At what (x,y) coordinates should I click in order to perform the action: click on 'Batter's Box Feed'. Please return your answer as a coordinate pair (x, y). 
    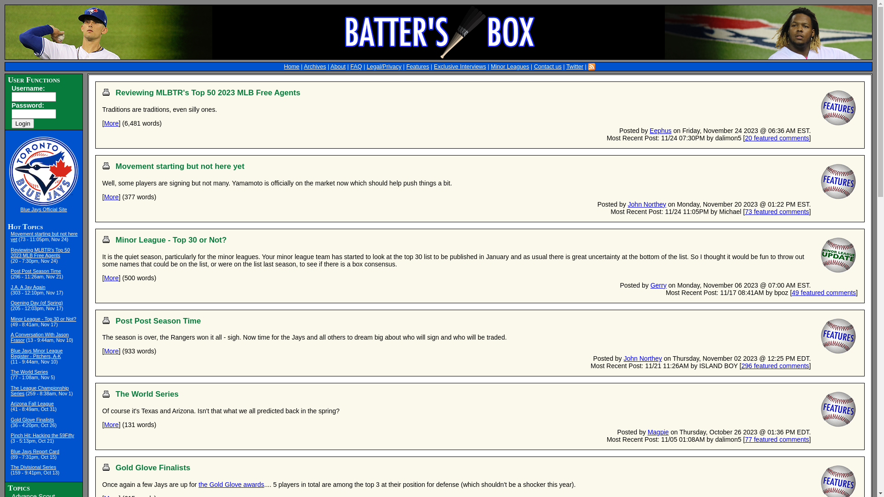
    Looking at the image, I should click on (592, 66).